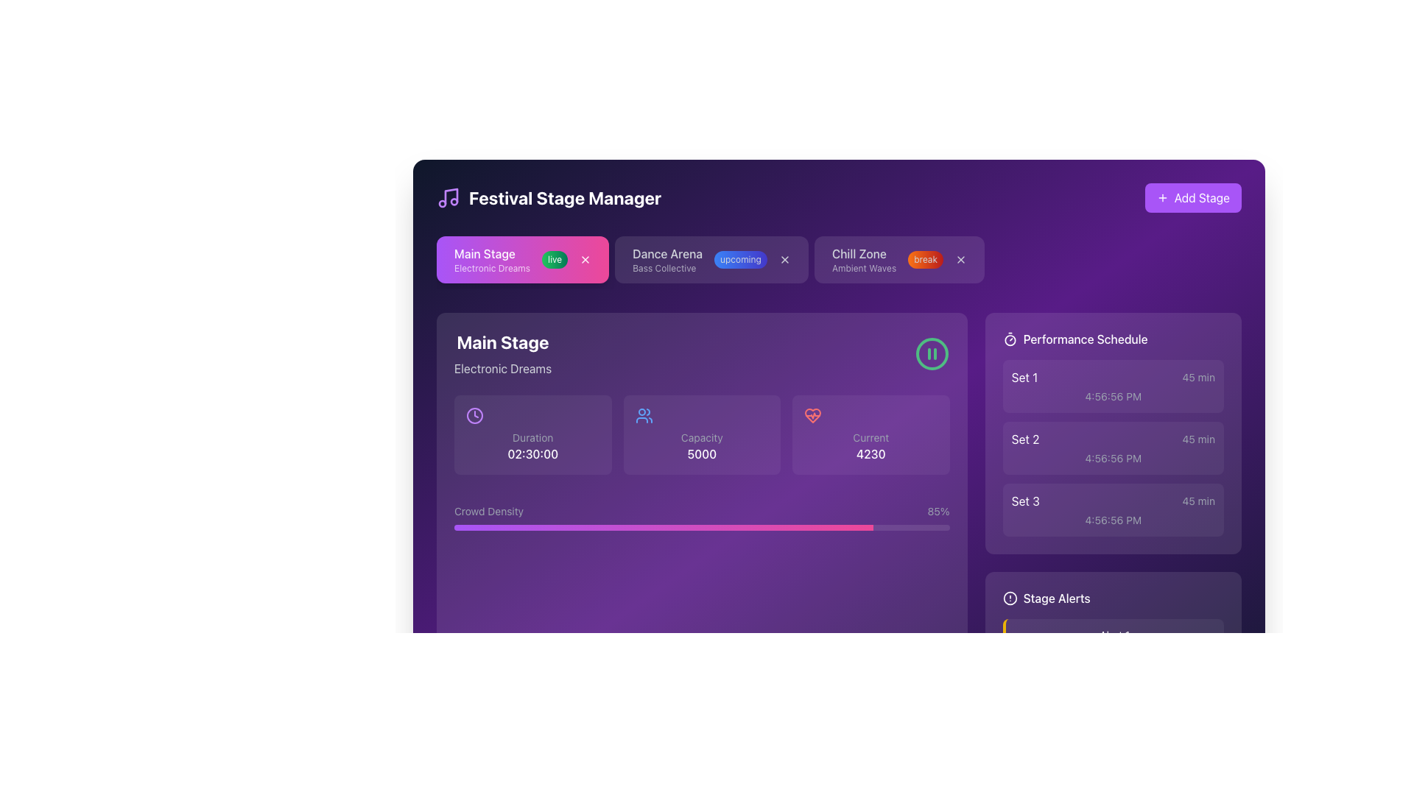 Image resolution: width=1414 pixels, height=795 pixels. I want to click on the icon associated with the 'Add Stage' button for accessibility navigation, so click(1161, 197).